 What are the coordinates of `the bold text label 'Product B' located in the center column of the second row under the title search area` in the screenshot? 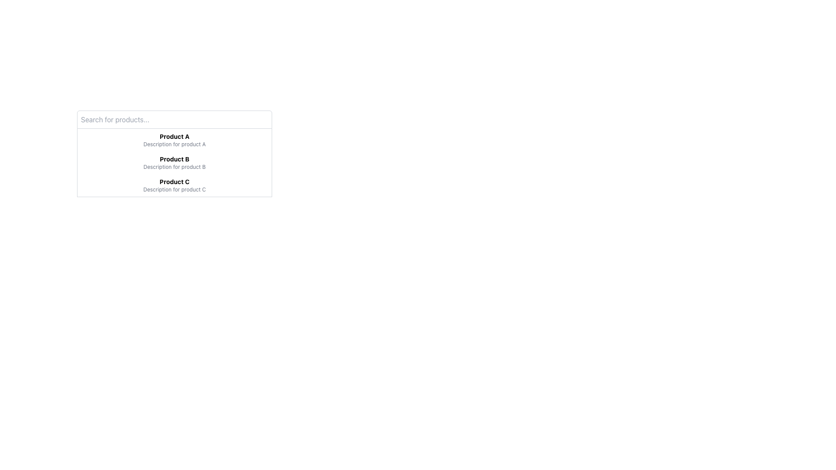 It's located at (174, 159).